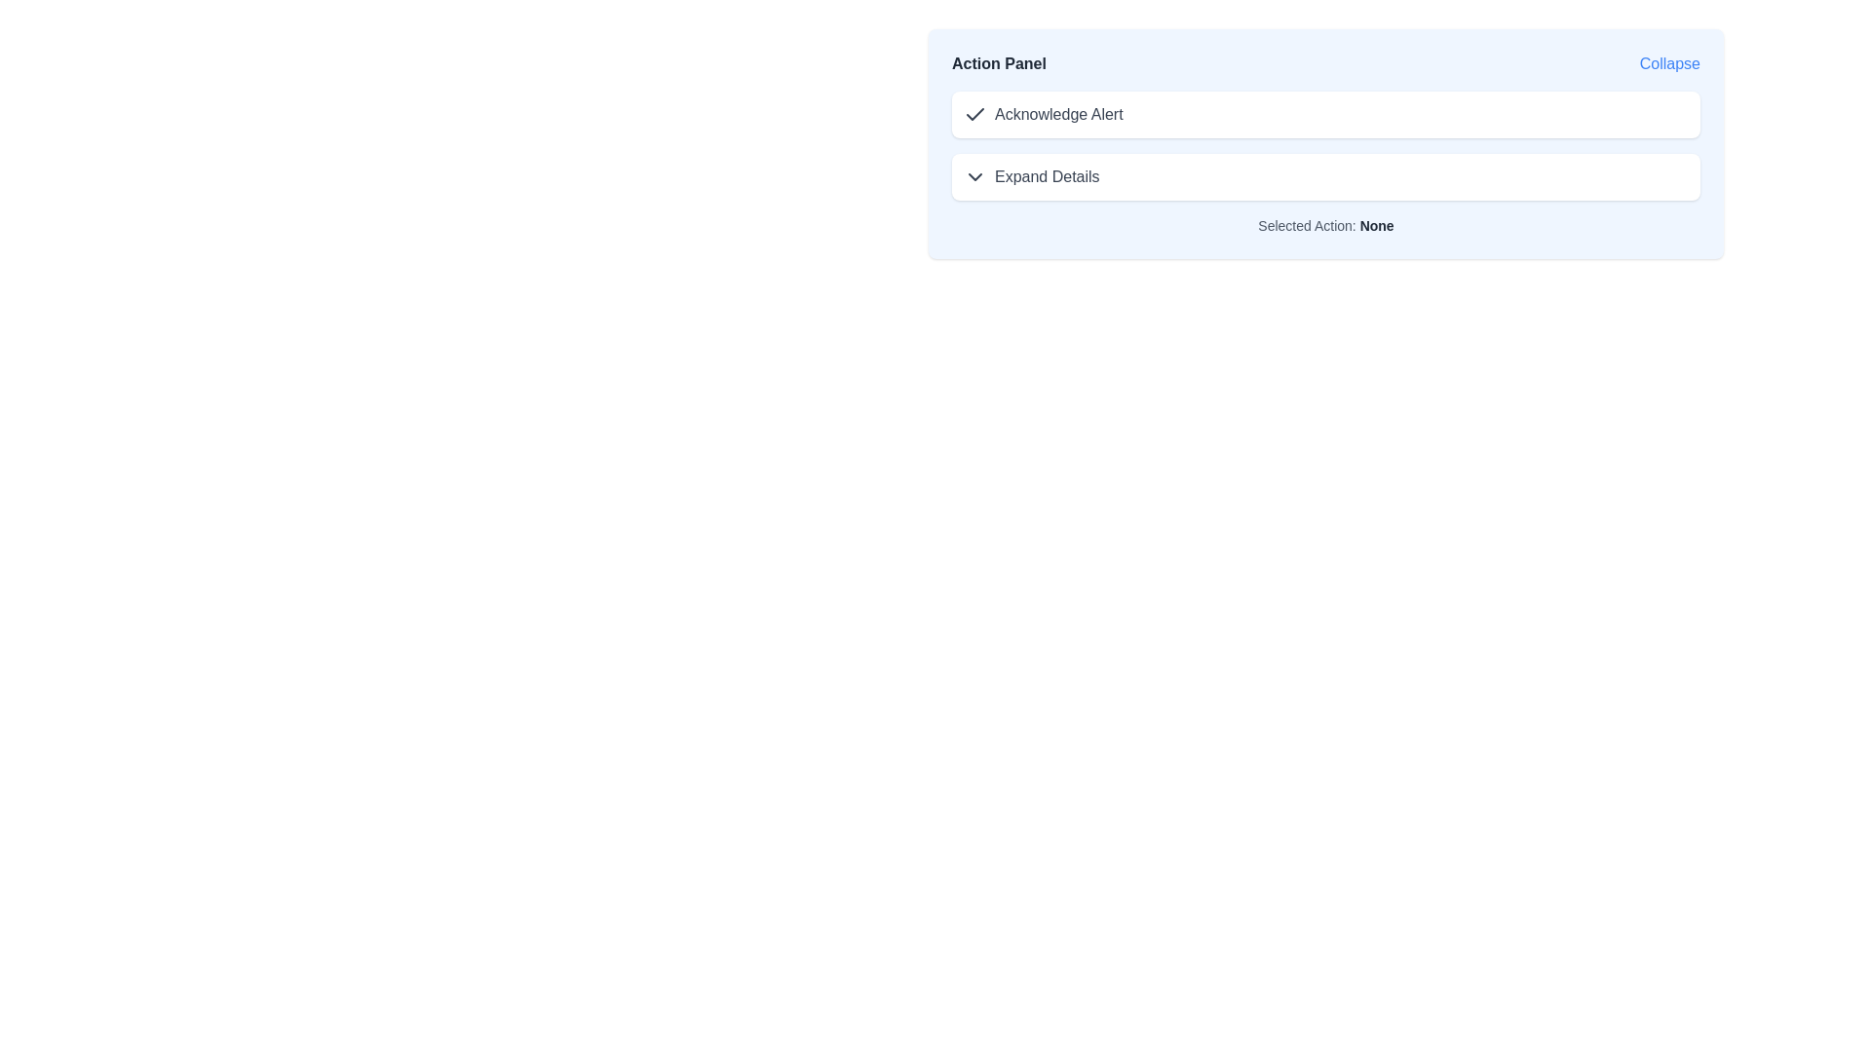 The width and height of the screenshot is (1871, 1052). Describe the element at coordinates (1325, 145) in the screenshot. I see `the interactive section with multiple selectable subsections within the 'Action Panel'` at that location.